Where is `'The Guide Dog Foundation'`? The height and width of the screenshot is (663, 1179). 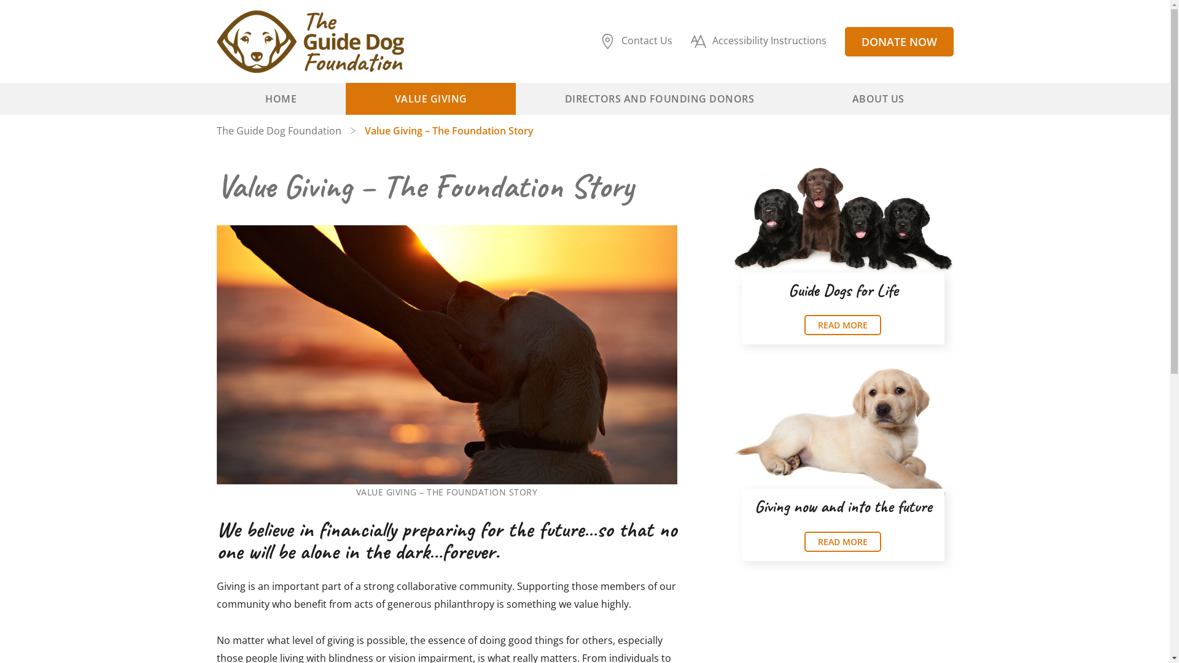 'The Guide Dog Foundation' is located at coordinates (309, 41).